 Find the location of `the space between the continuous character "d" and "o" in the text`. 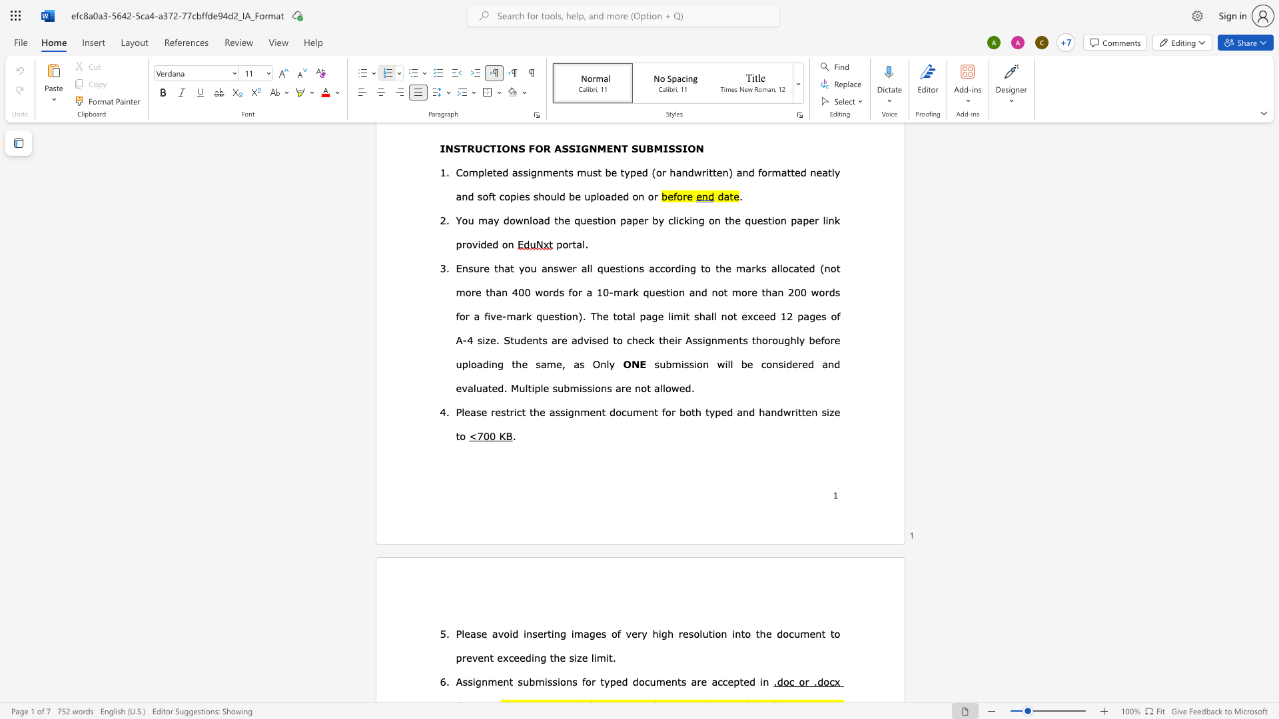

the space between the continuous character "d" and "o" in the text is located at coordinates (615, 411).